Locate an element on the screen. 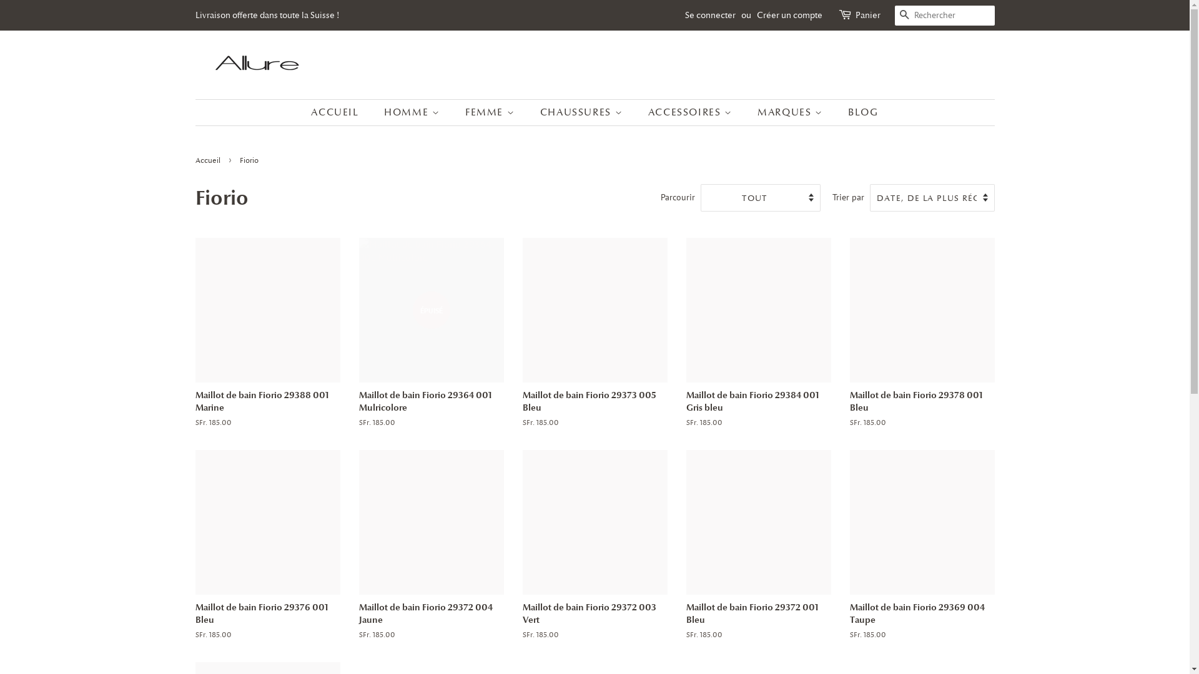  'ACCESSOIRES' is located at coordinates (691, 112).